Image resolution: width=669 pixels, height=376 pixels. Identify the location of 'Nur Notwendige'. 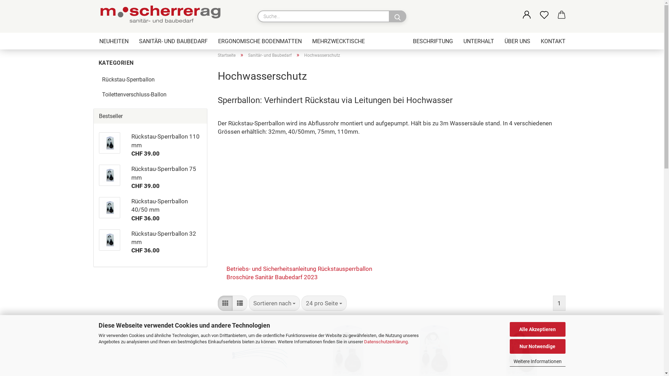
(537, 346).